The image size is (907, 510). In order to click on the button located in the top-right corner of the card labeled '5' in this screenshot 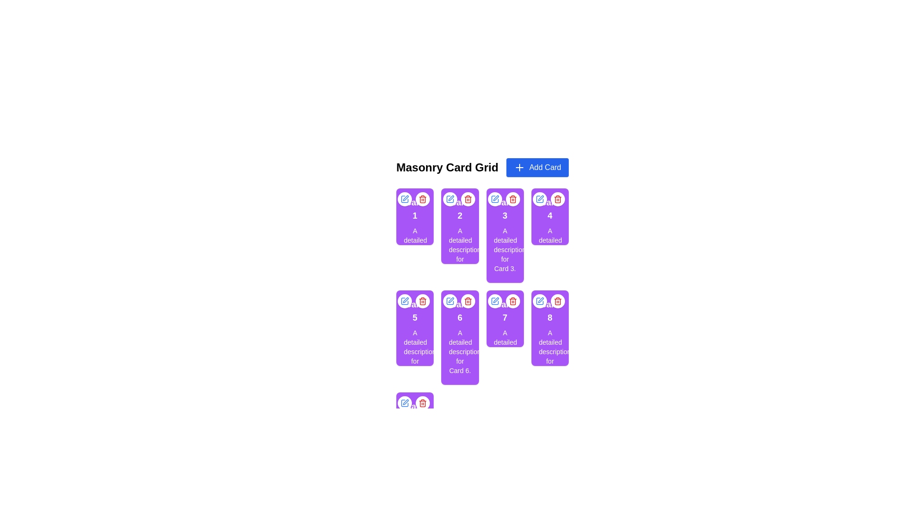, I will do `click(405, 301)`.